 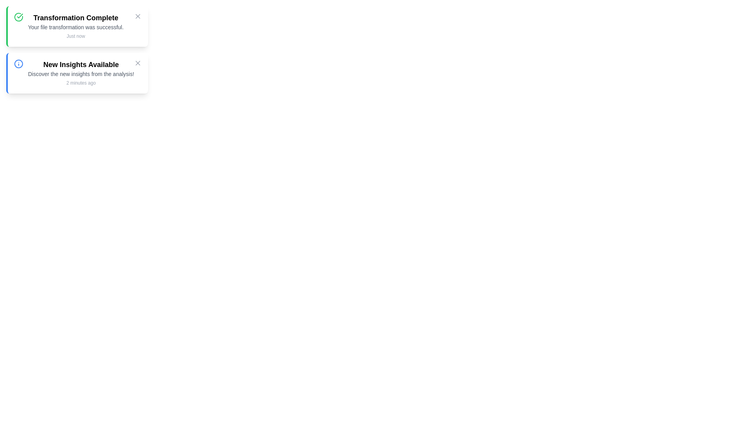 I want to click on the close button of the notification to dismiss it, so click(x=138, y=16).